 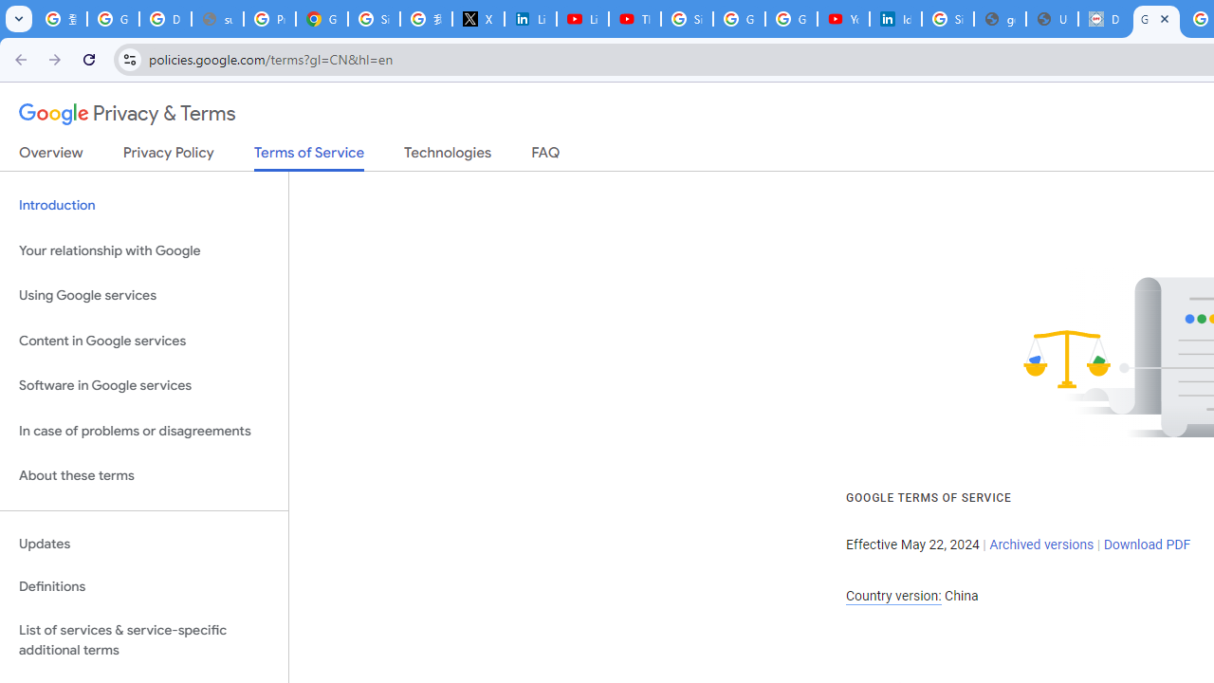 I want to click on 'User Details', so click(x=1051, y=19).